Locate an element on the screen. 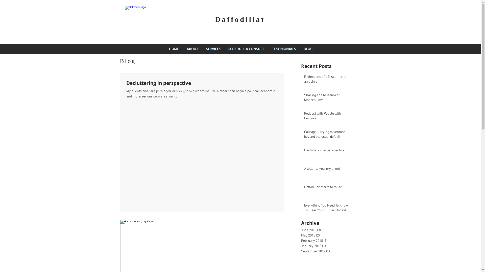  'Sharing The Museum of Modern Love' is located at coordinates (304, 99).